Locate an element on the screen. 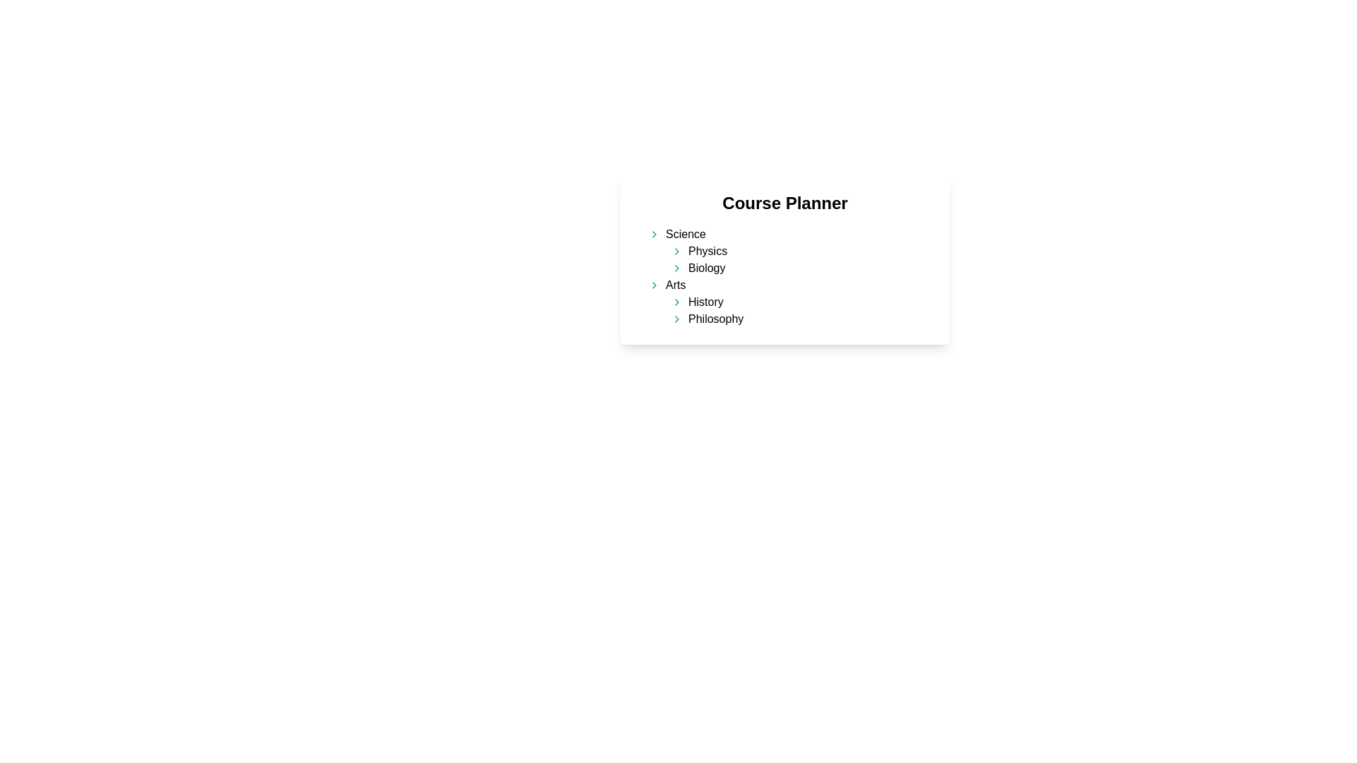 Image resolution: width=1357 pixels, height=763 pixels. the right-facing green chevron icon positioned to the left of the 'Biology' text in the row under 'Science' for highlighting effects is located at coordinates (676, 268).